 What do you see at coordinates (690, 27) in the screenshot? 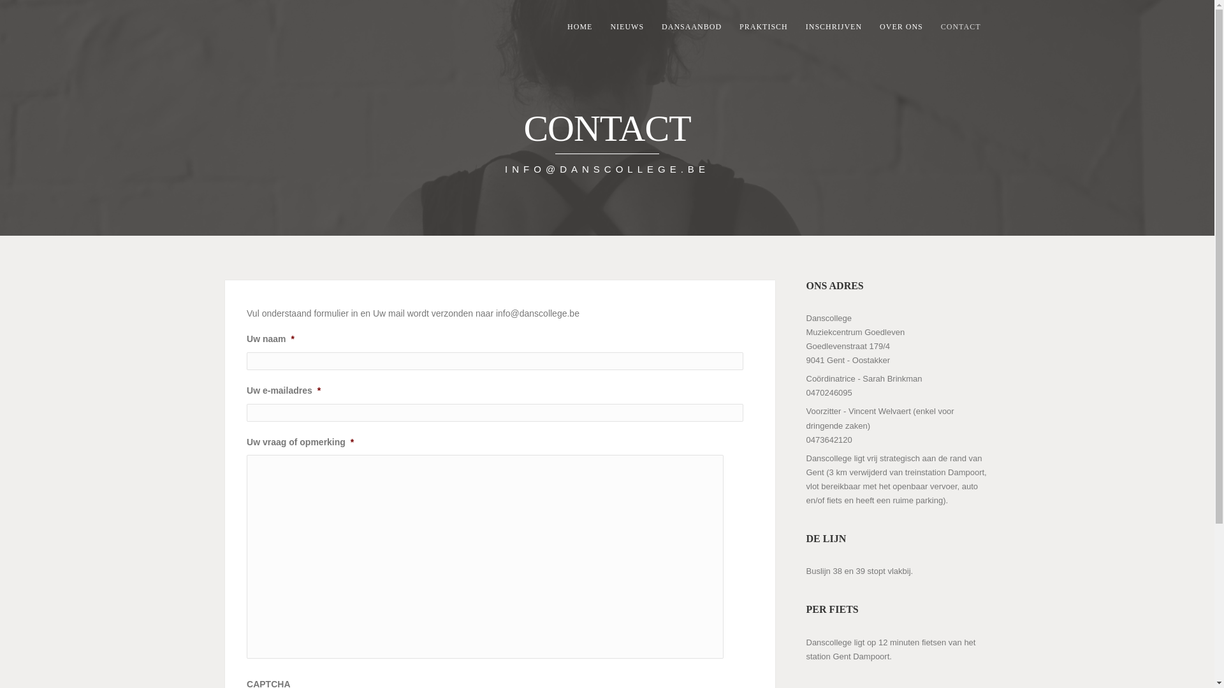
I see `'DANSAANBOD'` at bounding box center [690, 27].